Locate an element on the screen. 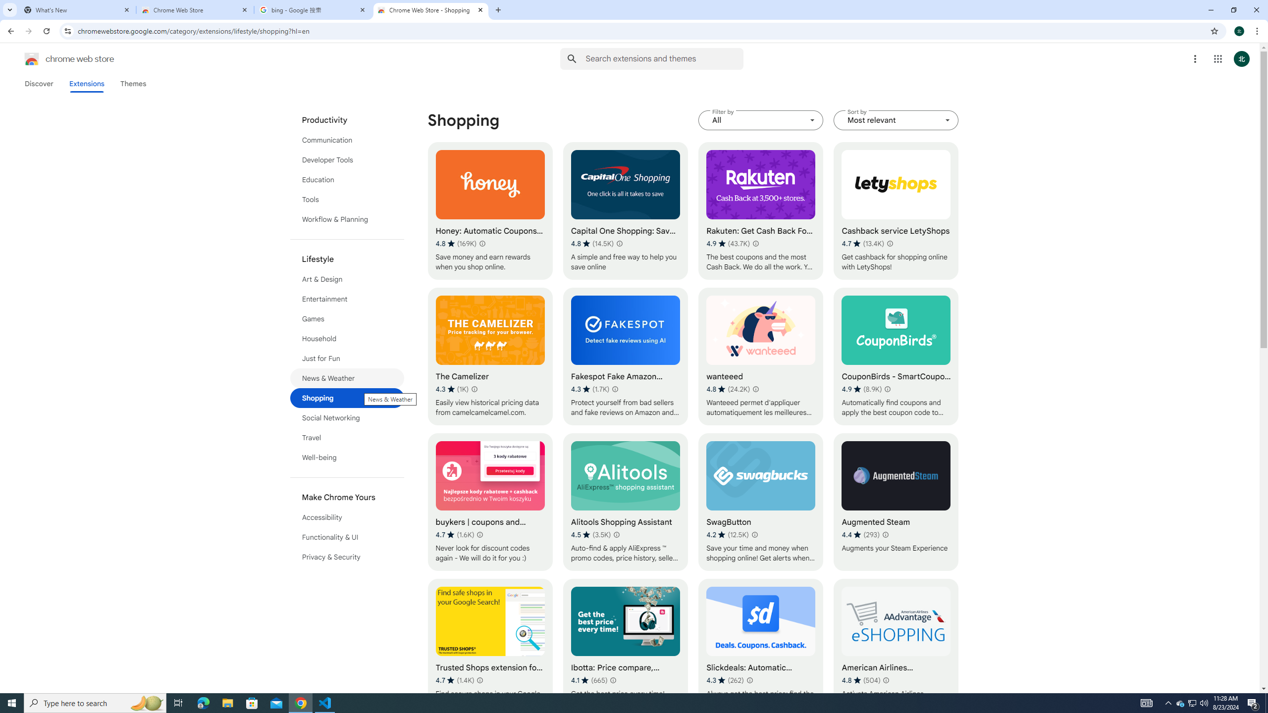  'CouponBirds - SmartCoupon Coupon Finder' is located at coordinates (895, 356).